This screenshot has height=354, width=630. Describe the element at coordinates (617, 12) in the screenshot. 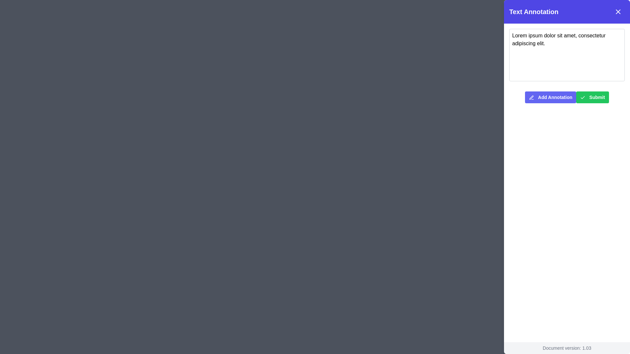

I see `the circular button with an 'X' icon located at the top right corner of the purple header section` at that location.